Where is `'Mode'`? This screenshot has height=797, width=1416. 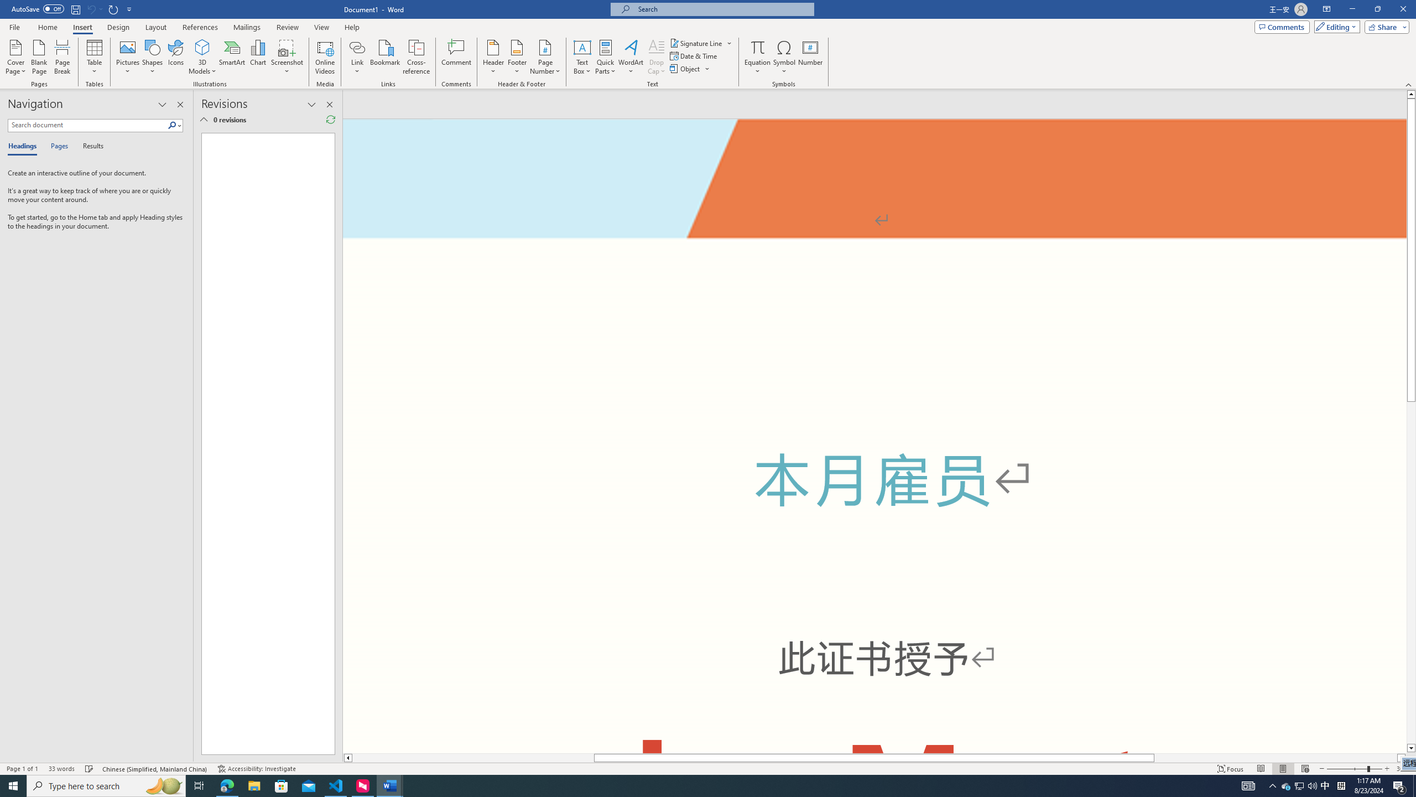
'Mode' is located at coordinates (1335, 26).